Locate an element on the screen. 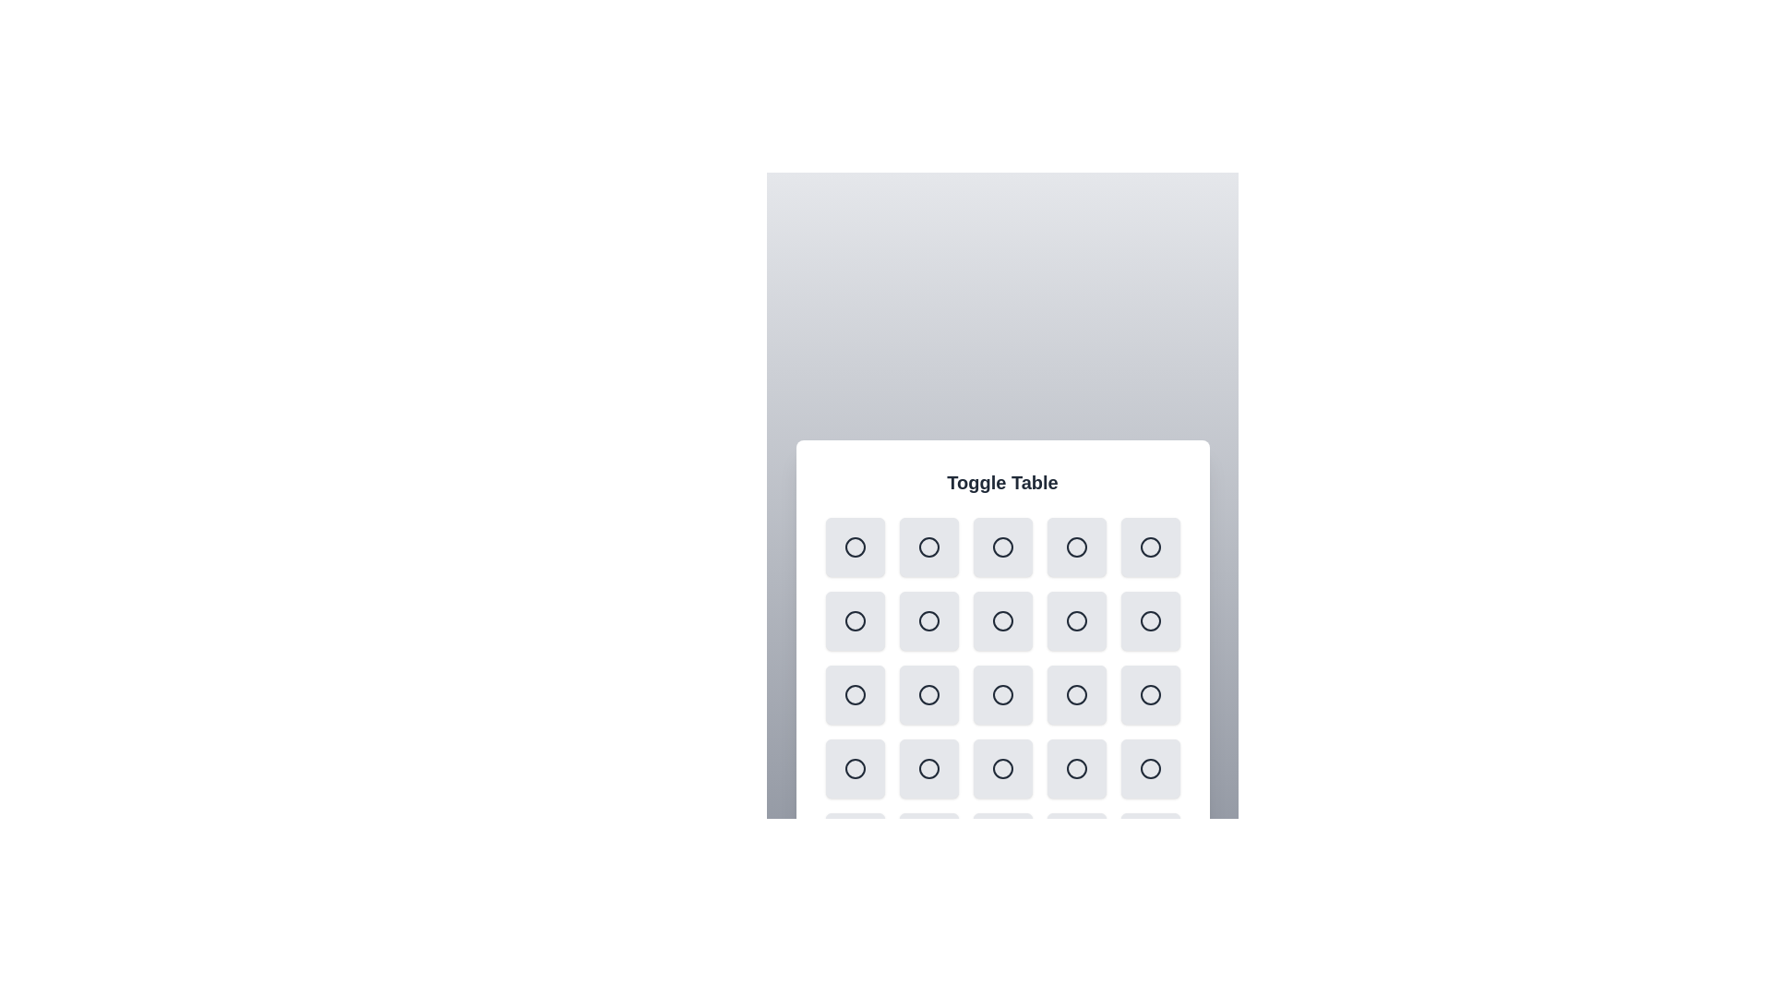 Image resolution: width=1772 pixels, height=997 pixels. the container background to focus on it is located at coordinates (1001, 670).